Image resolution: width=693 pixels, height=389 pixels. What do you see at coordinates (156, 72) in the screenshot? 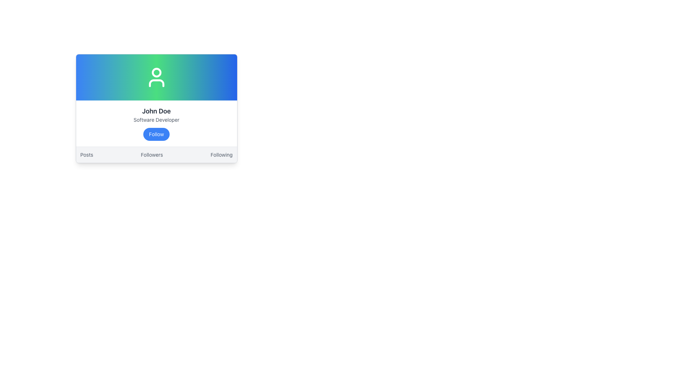
I see `the decorative circular graphical element representing a user in the profile card icon at the top-center of the card` at bounding box center [156, 72].